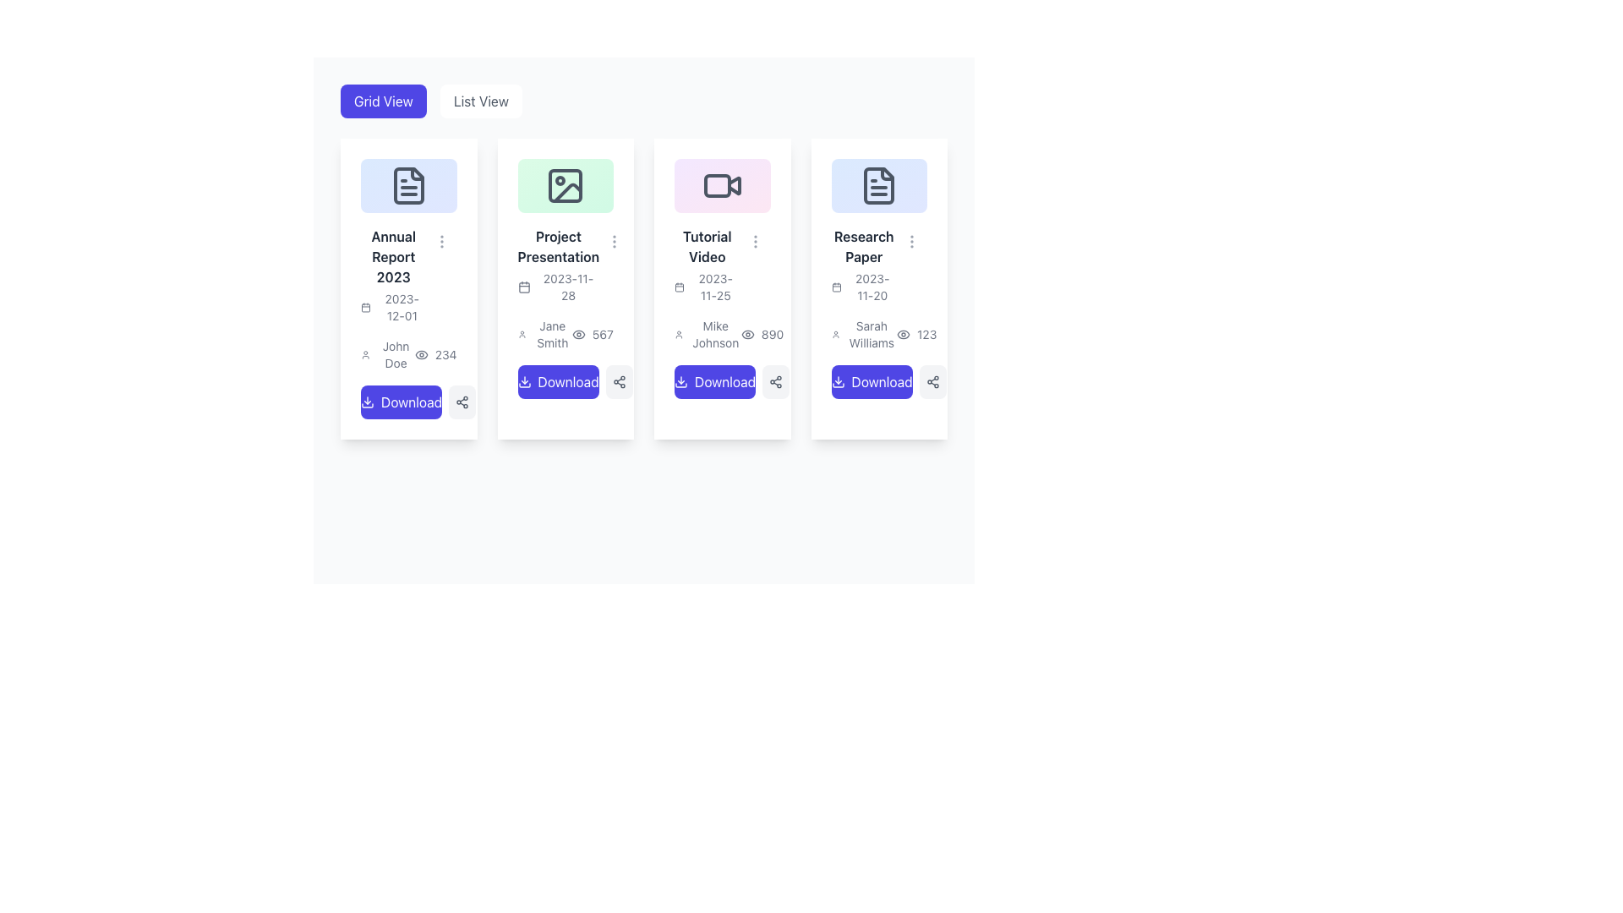 This screenshot has height=913, width=1623. What do you see at coordinates (707, 246) in the screenshot?
I see `the 'Tutorial Video' text label that is bold and dark on a light background, located in the upper third of the third card in a grid of four cards` at bounding box center [707, 246].